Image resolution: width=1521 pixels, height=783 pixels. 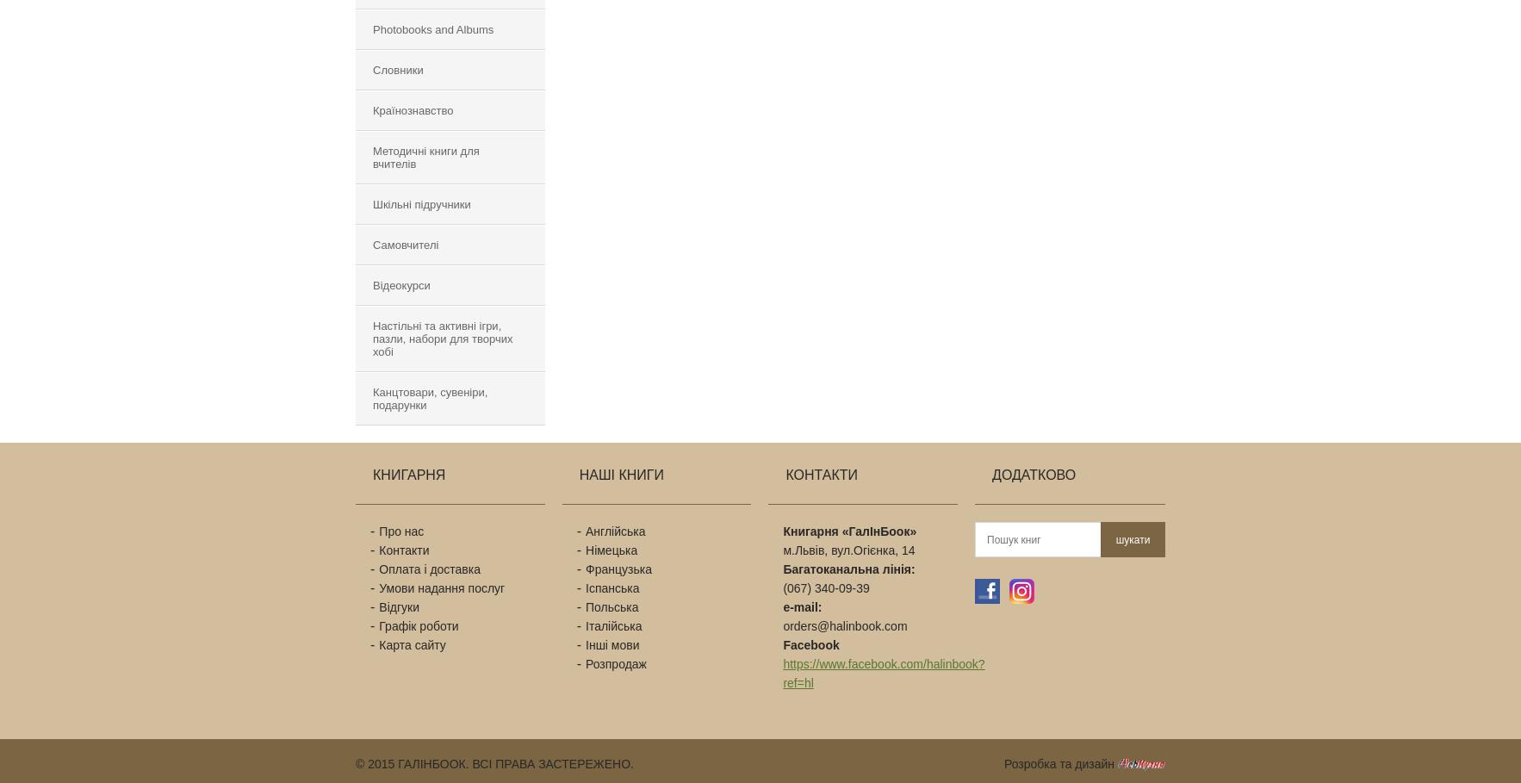 I want to click on 'Facebook', so click(x=810, y=645).